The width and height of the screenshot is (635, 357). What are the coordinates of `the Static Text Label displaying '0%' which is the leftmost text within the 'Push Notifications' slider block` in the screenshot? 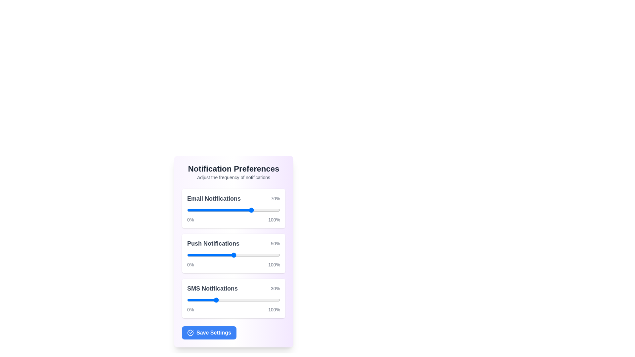 It's located at (190, 264).